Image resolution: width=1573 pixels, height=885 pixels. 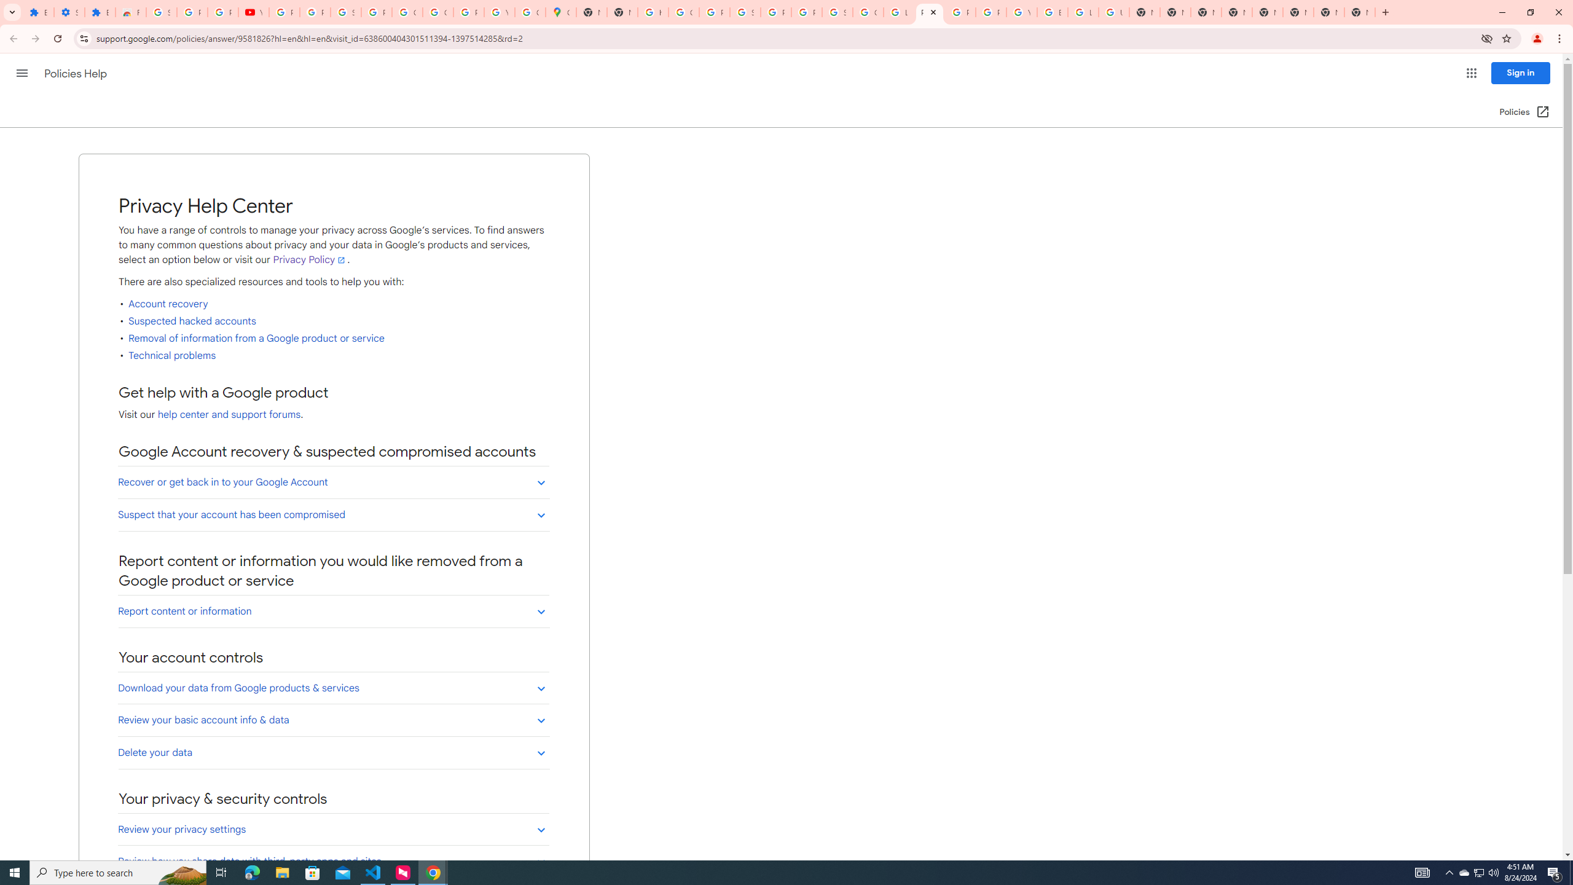 What do you see at coordinates (333, 752) in the screenshot?
I see `'Delete your data'` at bounding box center [333, 752].